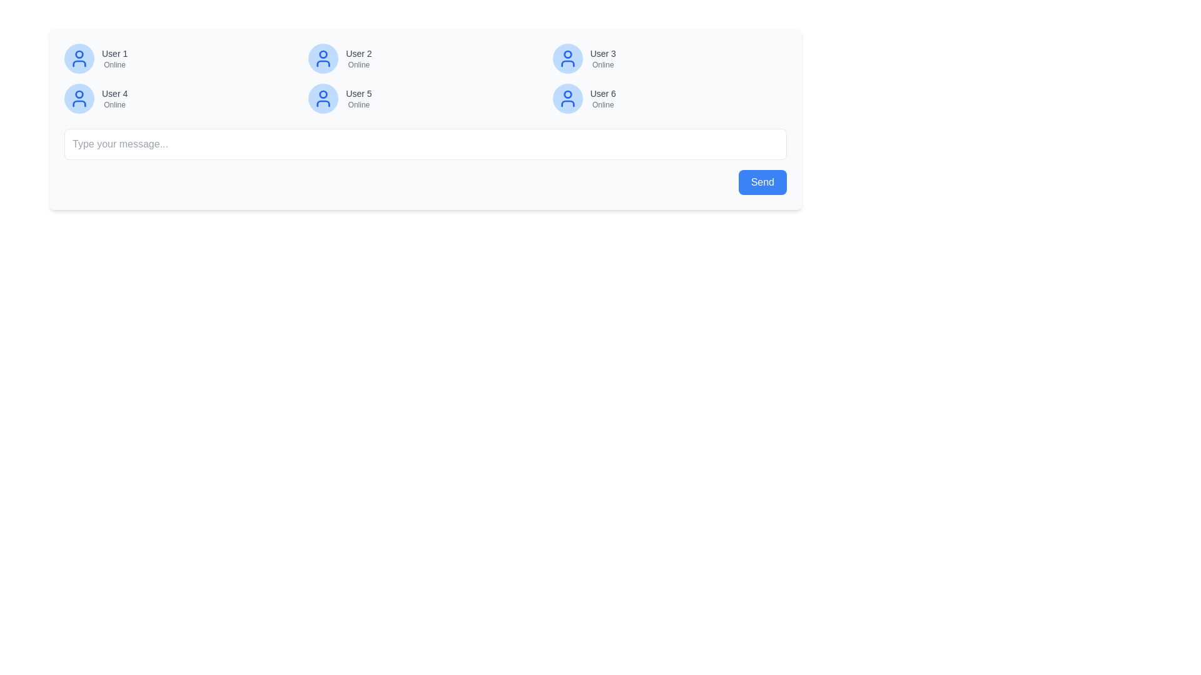 This screenshot has height=675, width=1201. I want to click on the Static Text Label displaying 'User 5', which is centered within the user card and positioned above the 'Online' label, so click(358, 93).